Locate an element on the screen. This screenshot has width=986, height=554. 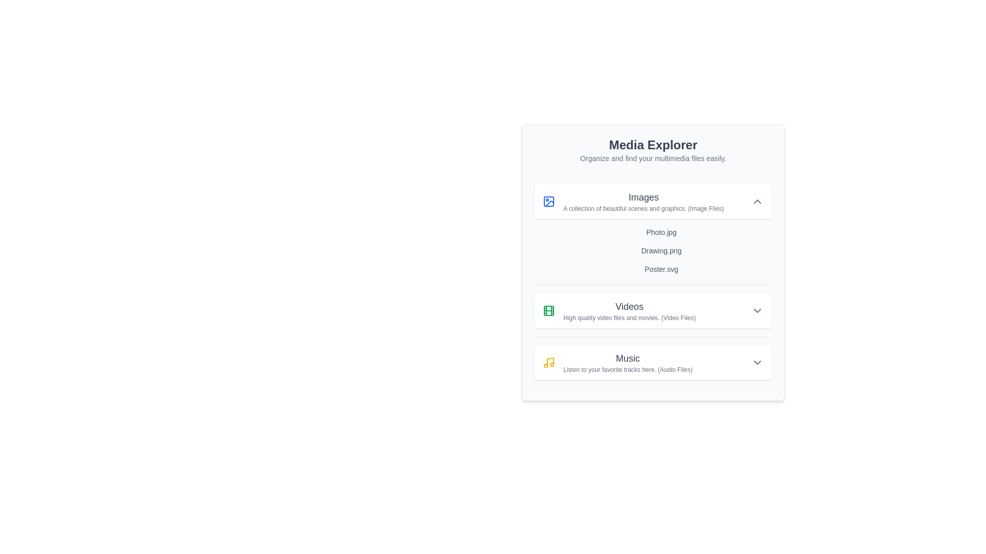
the SVG rectangle that is part of the filmstrip icon next to the 'Videos' section in the media explorer interface is located at coordinates (548, 310).